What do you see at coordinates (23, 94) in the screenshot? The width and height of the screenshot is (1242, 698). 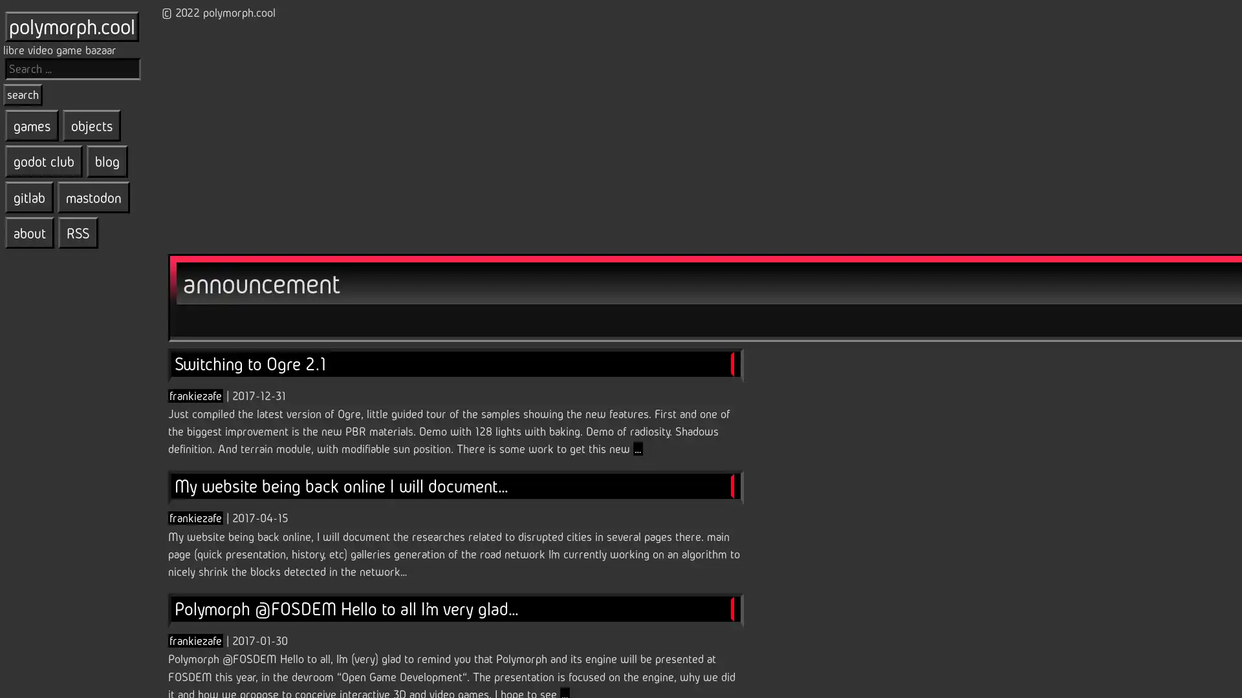 I see `Search` at bounding box center [23, 94].